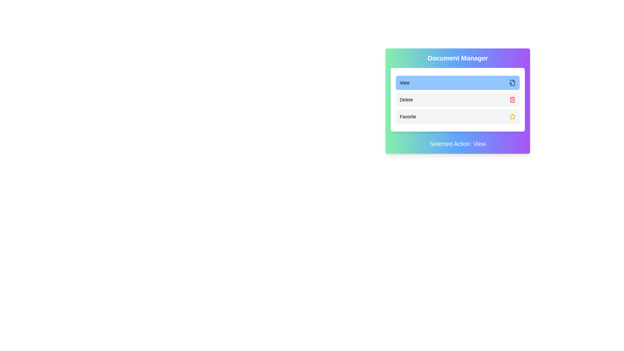  I want to click on the action Favorite by clicking the corresponding button, so click(457, 116).